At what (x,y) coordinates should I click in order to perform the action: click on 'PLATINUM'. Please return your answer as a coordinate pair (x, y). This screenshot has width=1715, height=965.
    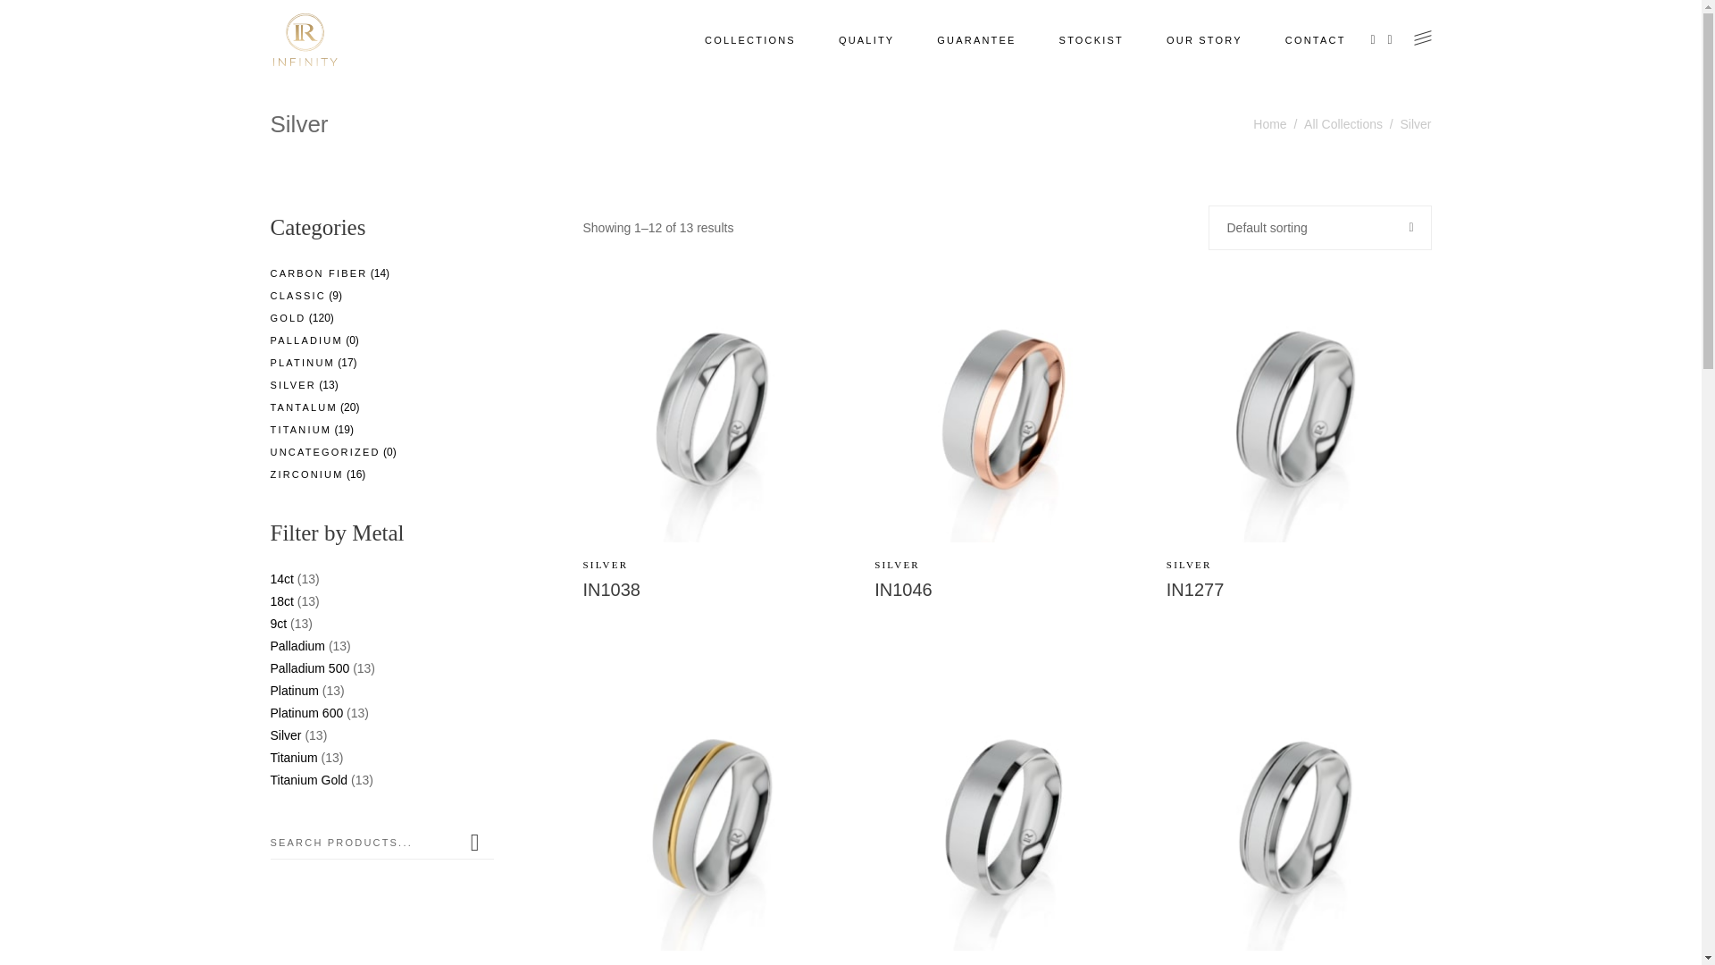
    Looking at the image, I should click on (301, 362).